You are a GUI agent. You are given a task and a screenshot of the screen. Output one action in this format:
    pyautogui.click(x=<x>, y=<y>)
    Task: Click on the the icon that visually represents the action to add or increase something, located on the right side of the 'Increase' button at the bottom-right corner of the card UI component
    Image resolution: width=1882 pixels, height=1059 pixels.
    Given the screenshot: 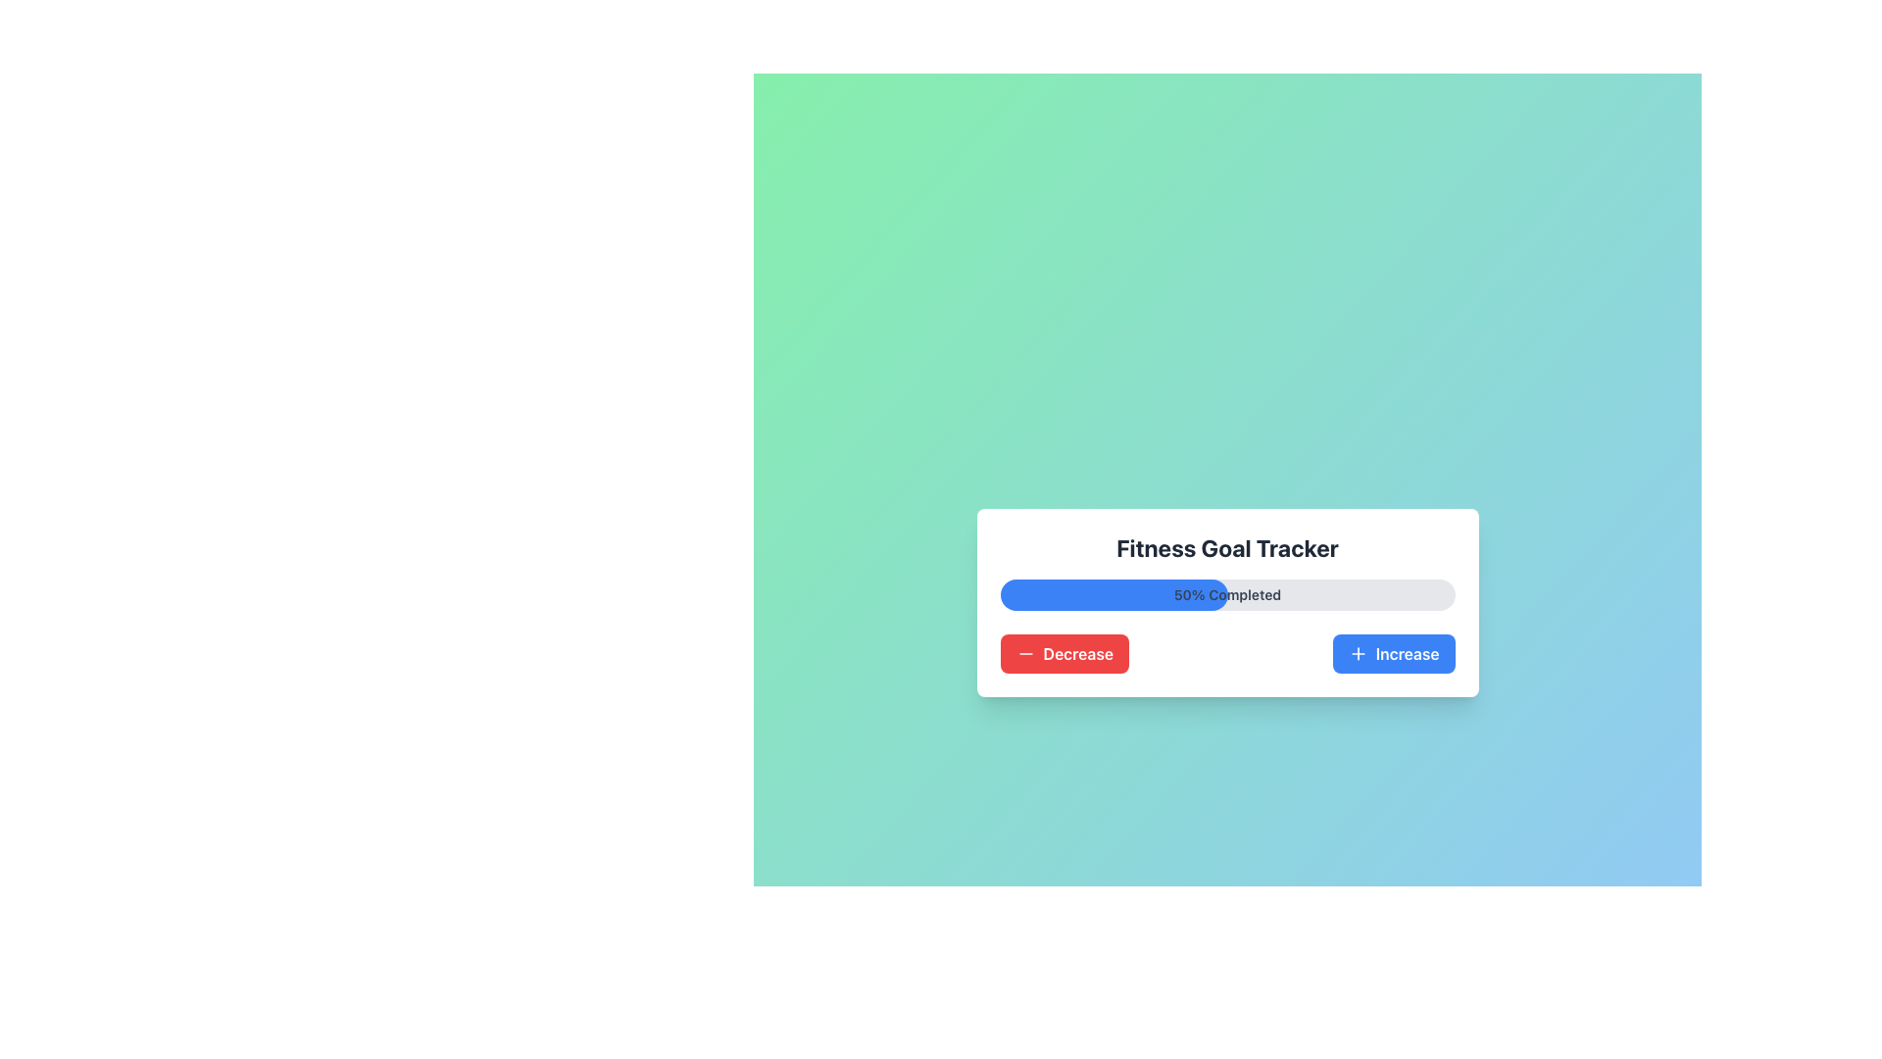 What is the action you would take?
    pyautogui.click(x=1357, y=654)
    